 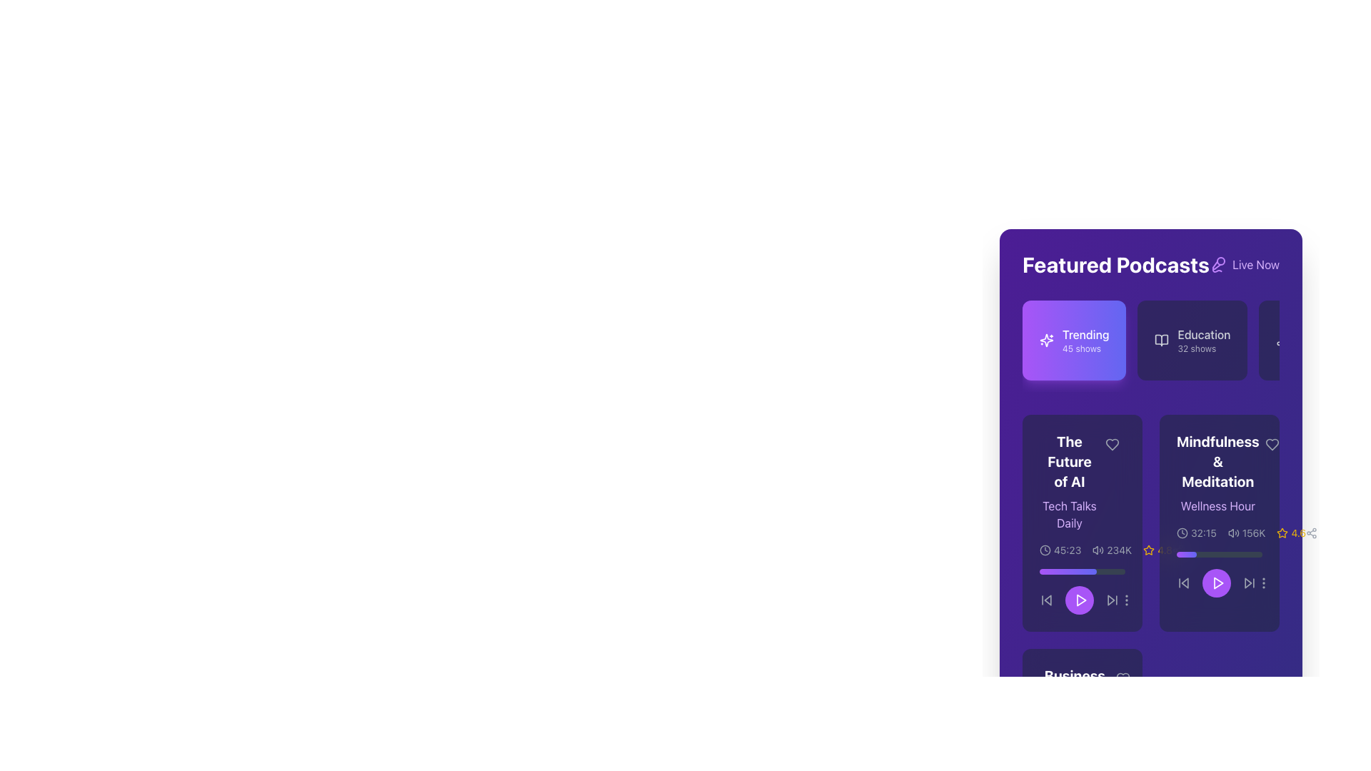 What do you see at coordinates (1112, 444) in the screenshot?
I see `the heart-shaped interactive button icon located on the right side of the podcast card titled 'The Future of AI' in the 'Featured Podcasts' section to visualize any hover effects` at bounding box center [1112, 444].